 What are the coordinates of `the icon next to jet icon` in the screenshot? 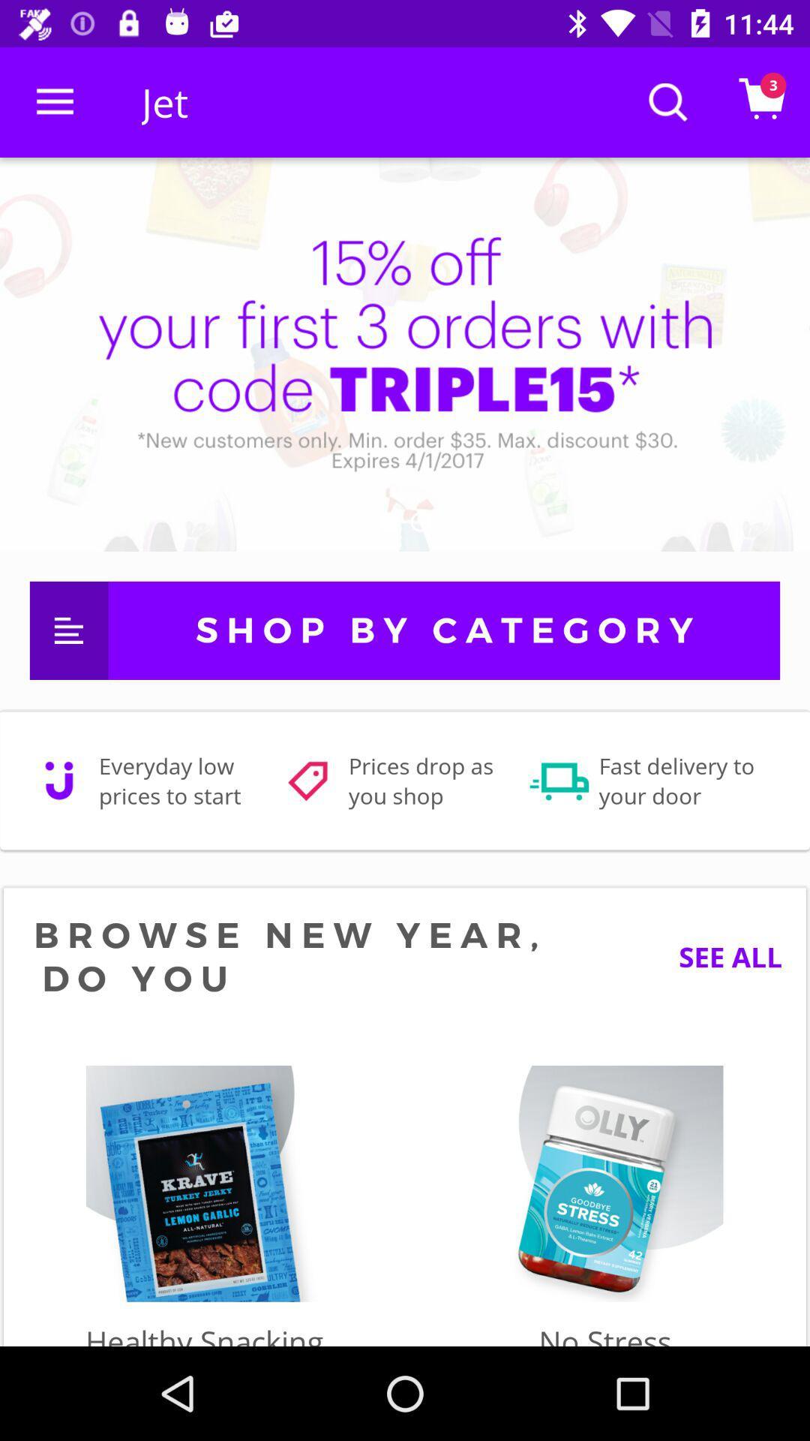 It's located at (54, 101).